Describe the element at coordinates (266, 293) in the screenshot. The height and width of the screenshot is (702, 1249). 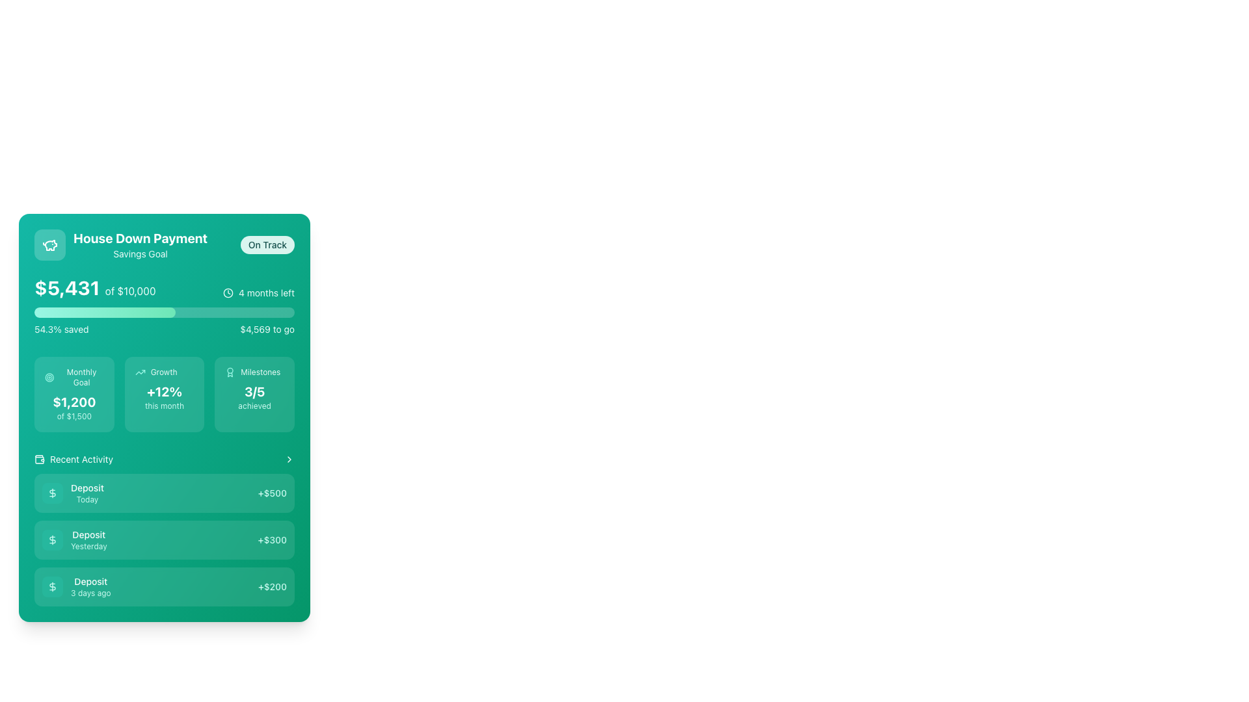
I see `the text label that informs the user about the remaining time left for a specific goal, which is visually grouped with a clock icon to its immediate left` at that location.